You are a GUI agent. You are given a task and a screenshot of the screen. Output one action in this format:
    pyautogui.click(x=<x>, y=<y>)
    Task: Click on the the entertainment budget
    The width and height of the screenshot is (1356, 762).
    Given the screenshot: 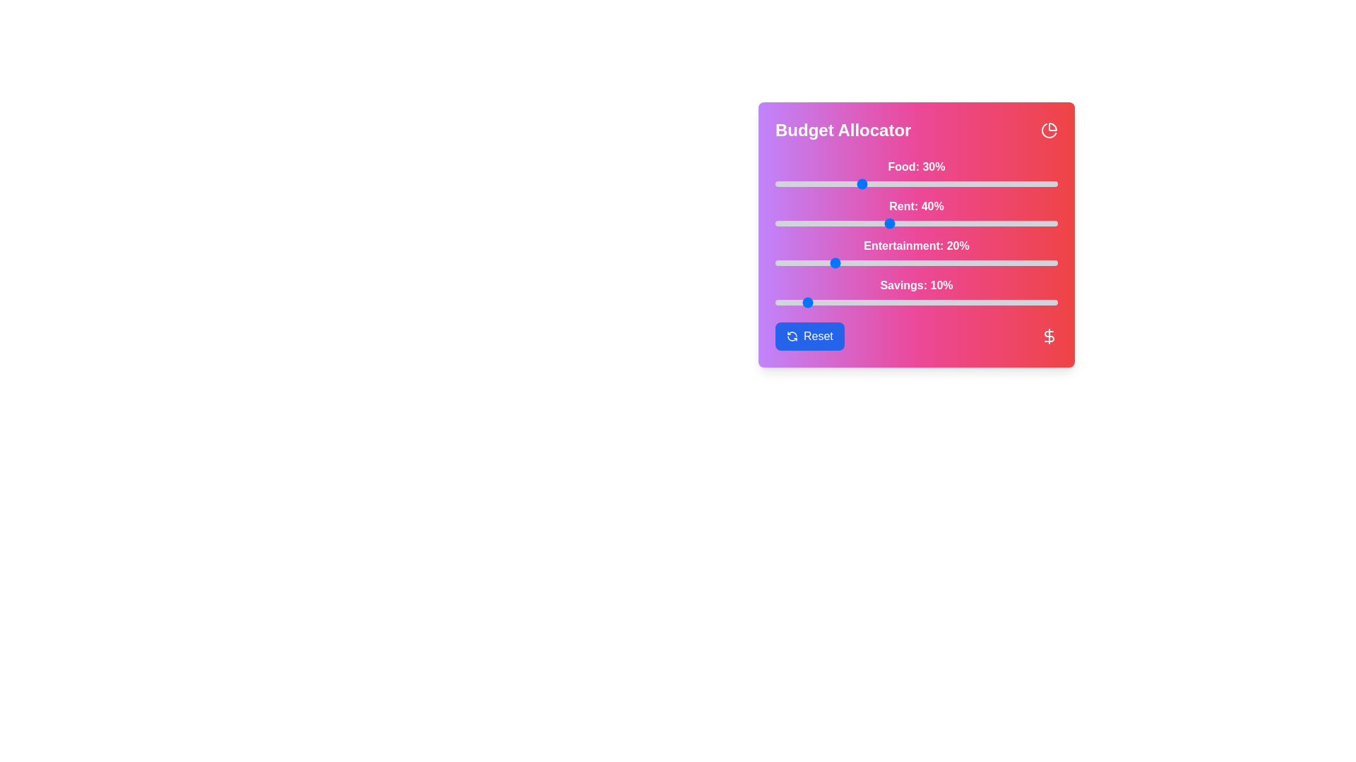 What is the action you would take?
    pyautogui.click(x=847, y=263)
    